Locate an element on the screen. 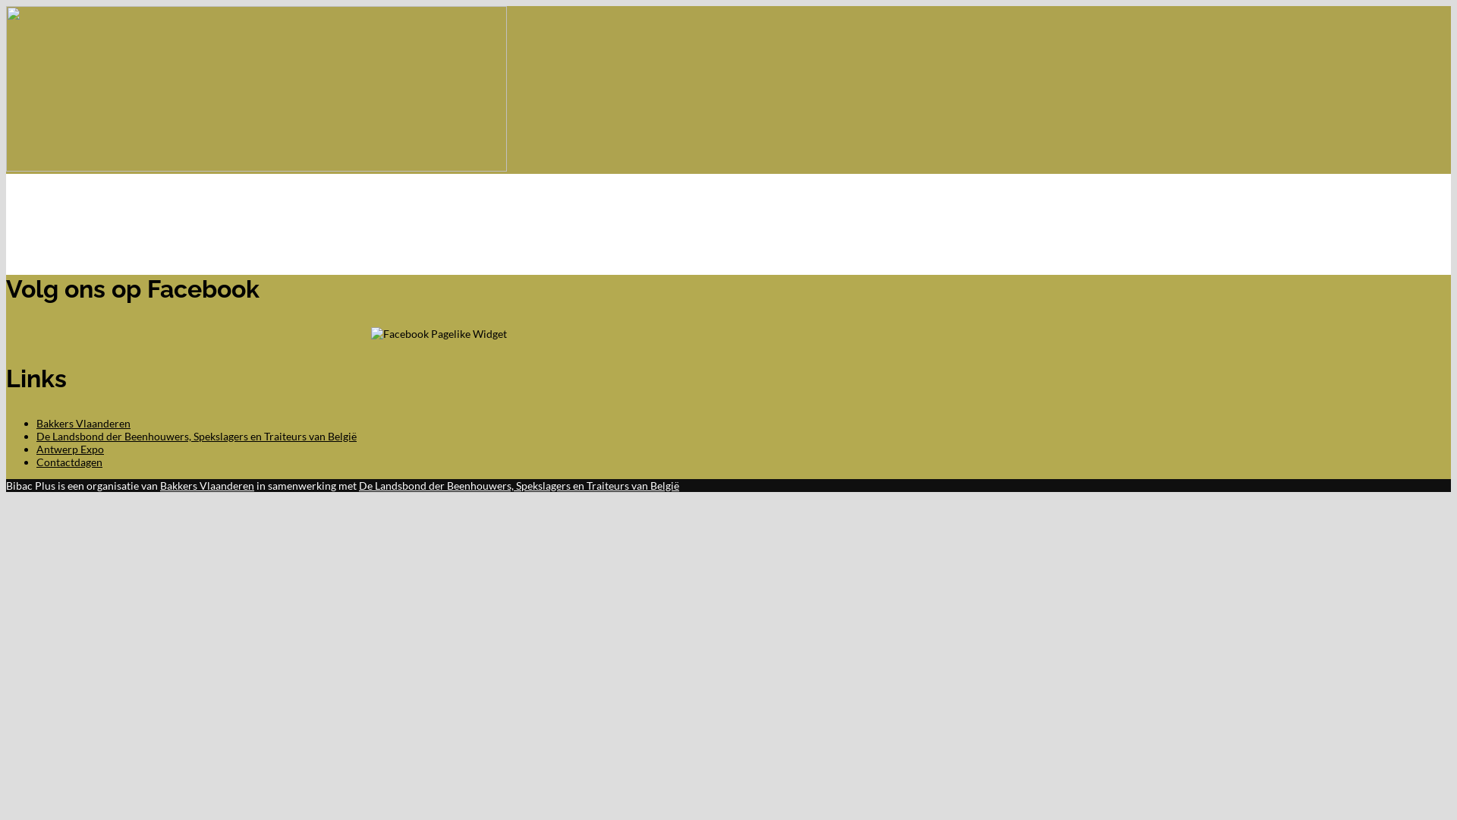  'Contactdagen' is located at coordinates (36, 461).